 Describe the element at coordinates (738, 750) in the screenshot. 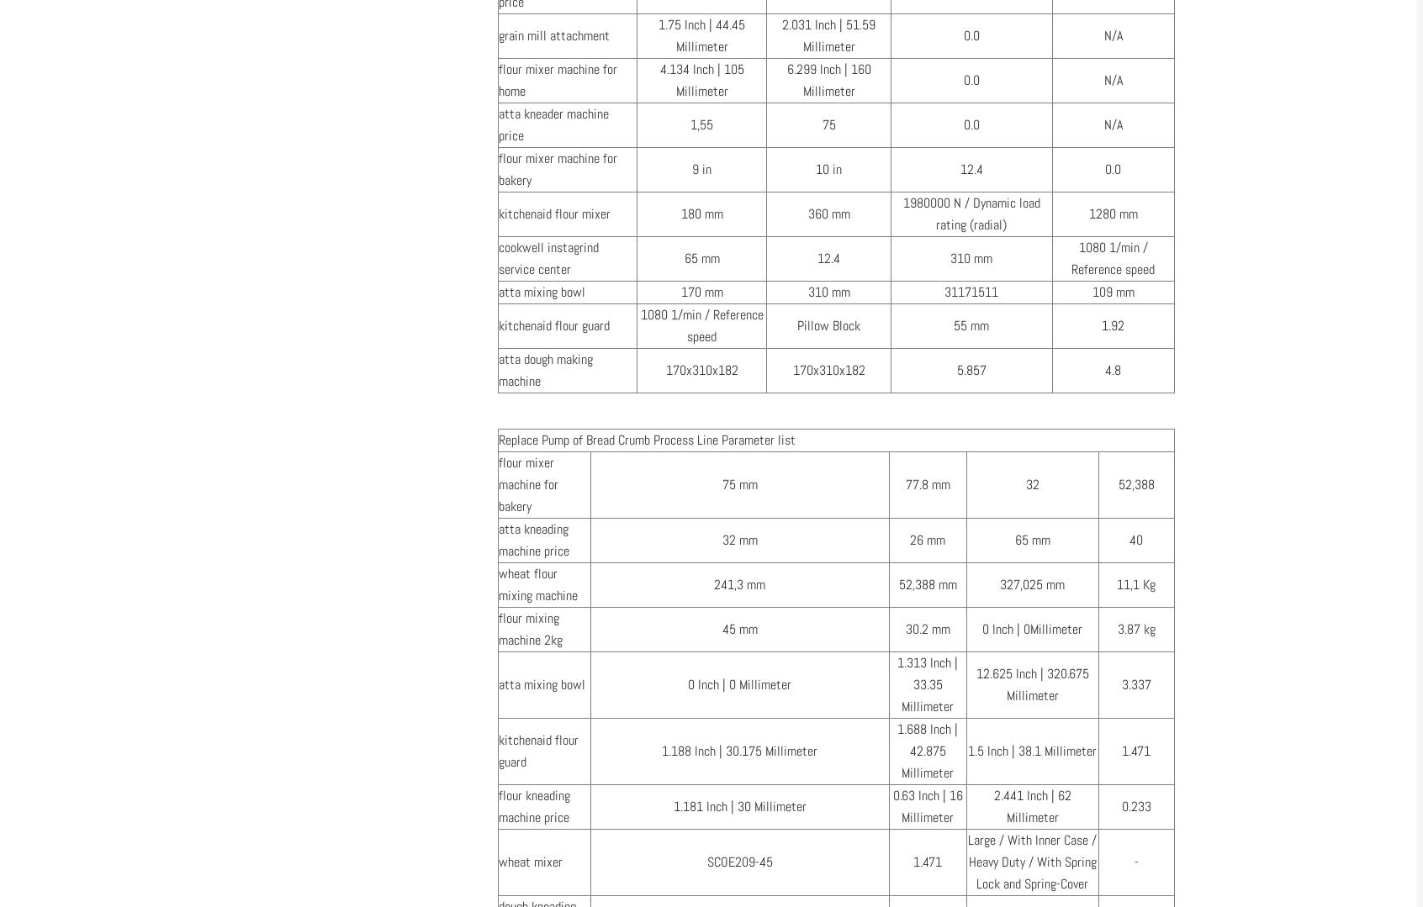

I see `'1.188 Inch | 30.175 Millimeter'` at that location.